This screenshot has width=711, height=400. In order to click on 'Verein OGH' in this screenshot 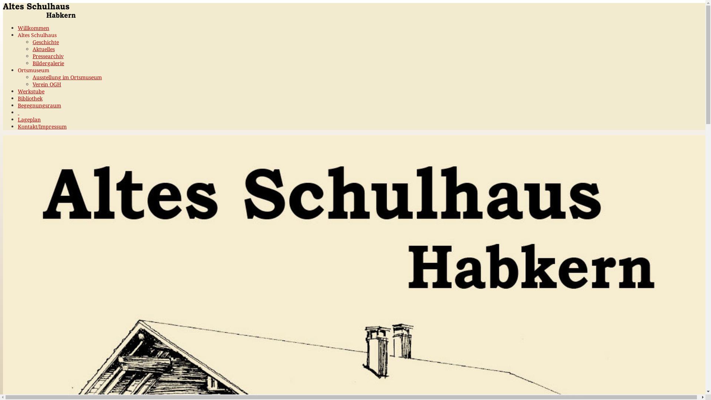, I will do `click(46, 84)`.